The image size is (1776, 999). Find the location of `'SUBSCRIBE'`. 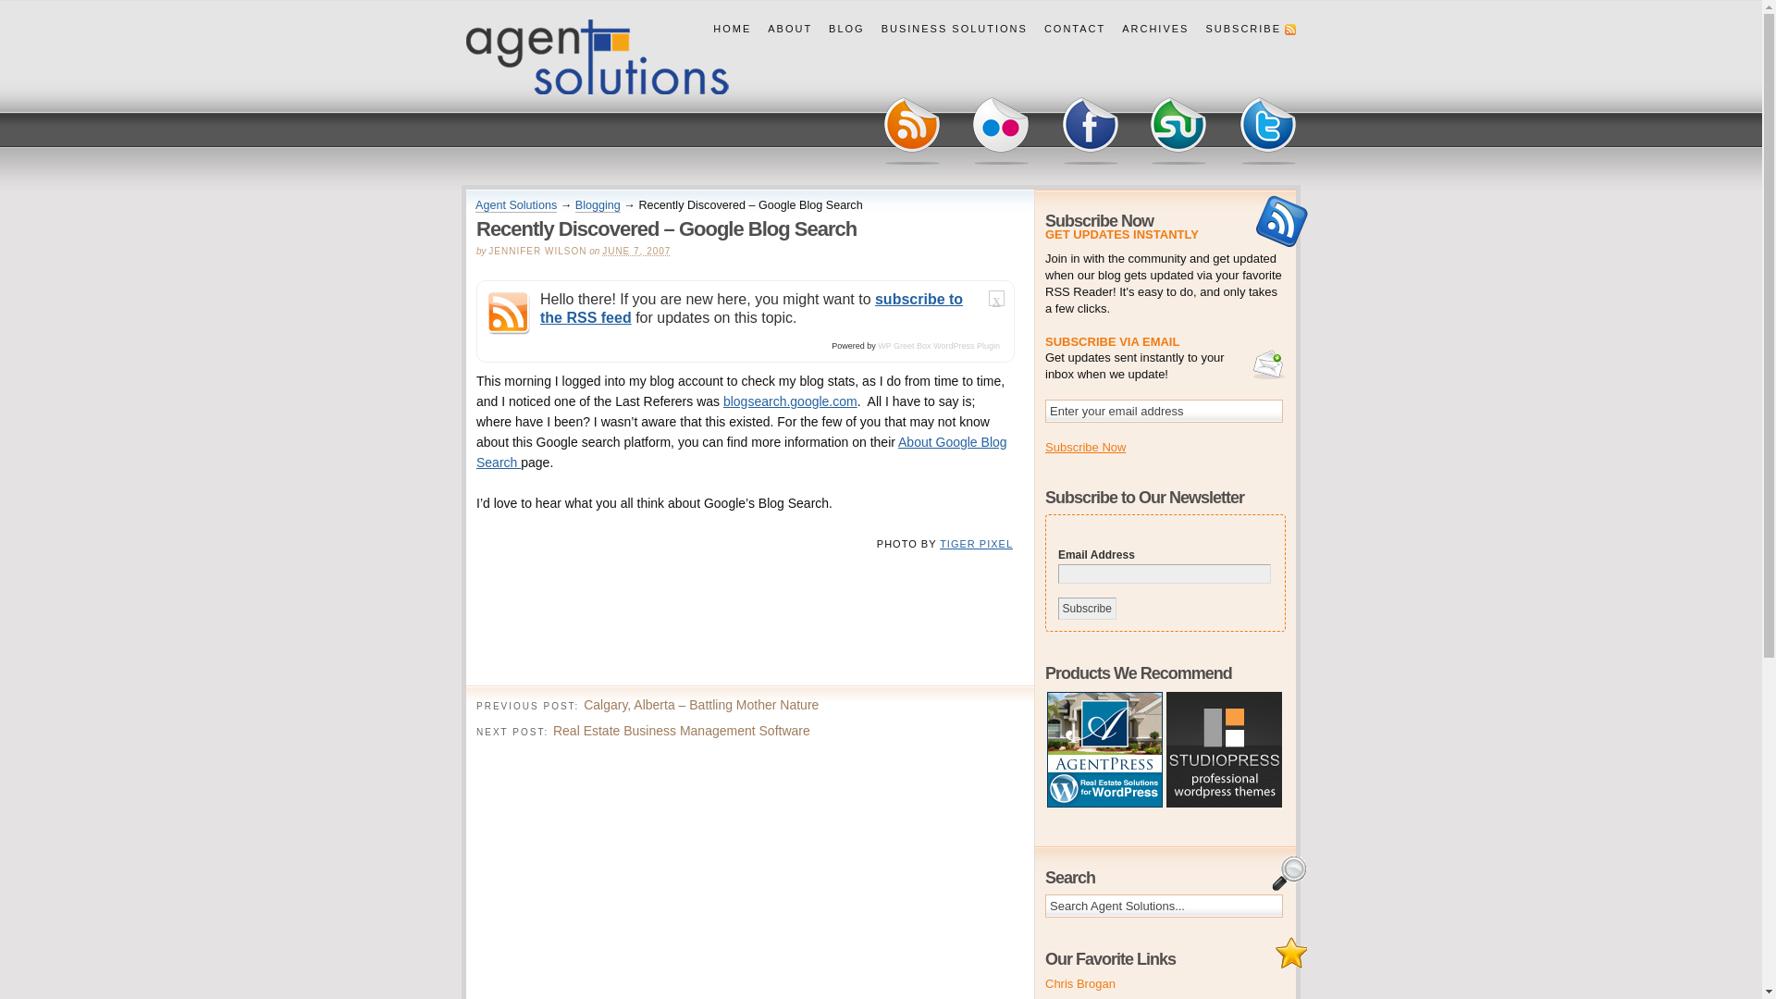

'SUBSCRIBE' is located at coordinates (1246, 29).